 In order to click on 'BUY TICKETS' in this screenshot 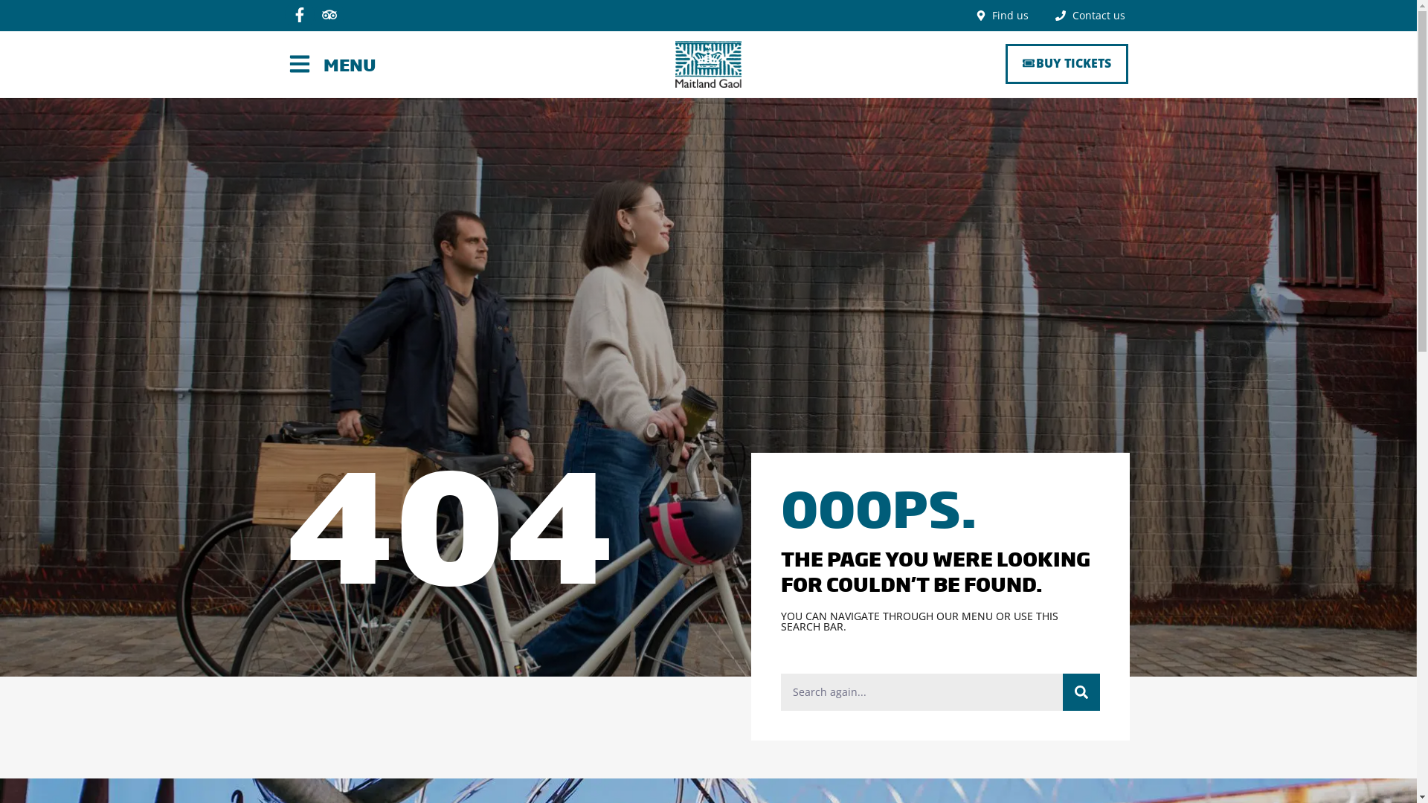, I will do `click(1066, 62)`.